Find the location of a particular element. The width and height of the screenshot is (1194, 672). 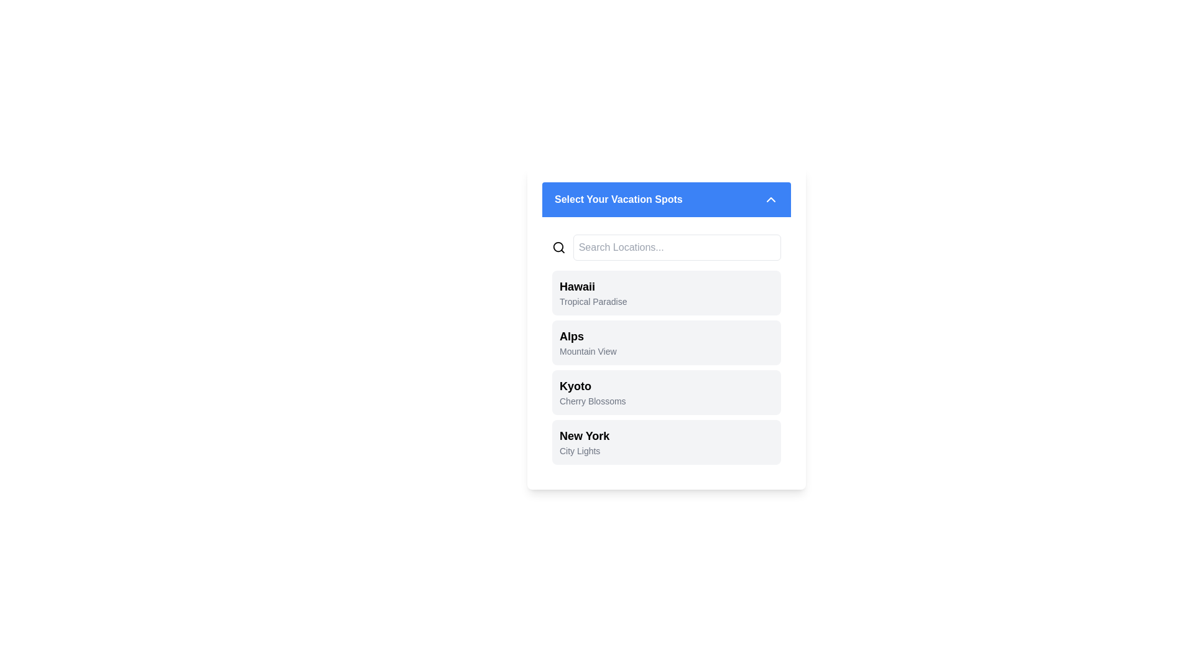

the Text element providing additional descriptive information about the 'New York' location item, indicating its theme 'City Lights', located below the 'New York' title in the bottom right section of the main content area is located at coordinates (584, 451).